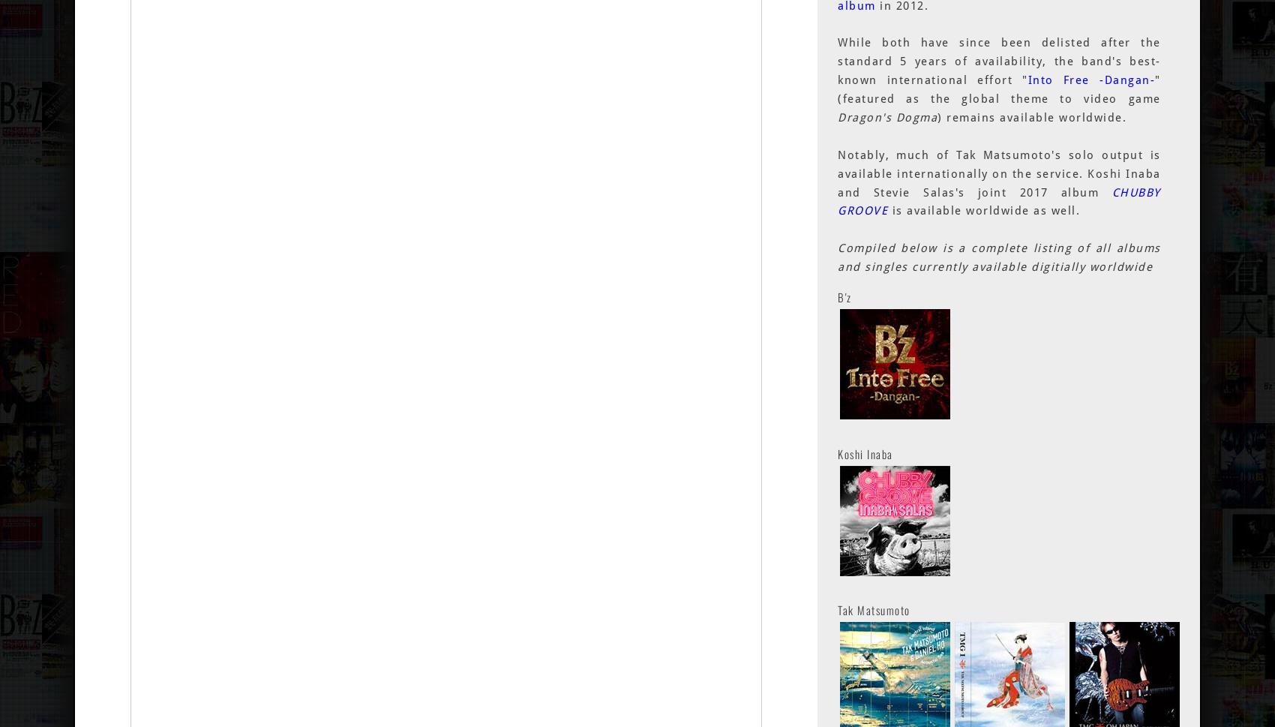  Describe the element at coordinates (998, 173) in the screenshot. I see `'Notably, much of Tak Matsumoto's solo output is available internationally on the service. Koshi Inaba and Stevie Salas's joint 2017 album'` at that location.